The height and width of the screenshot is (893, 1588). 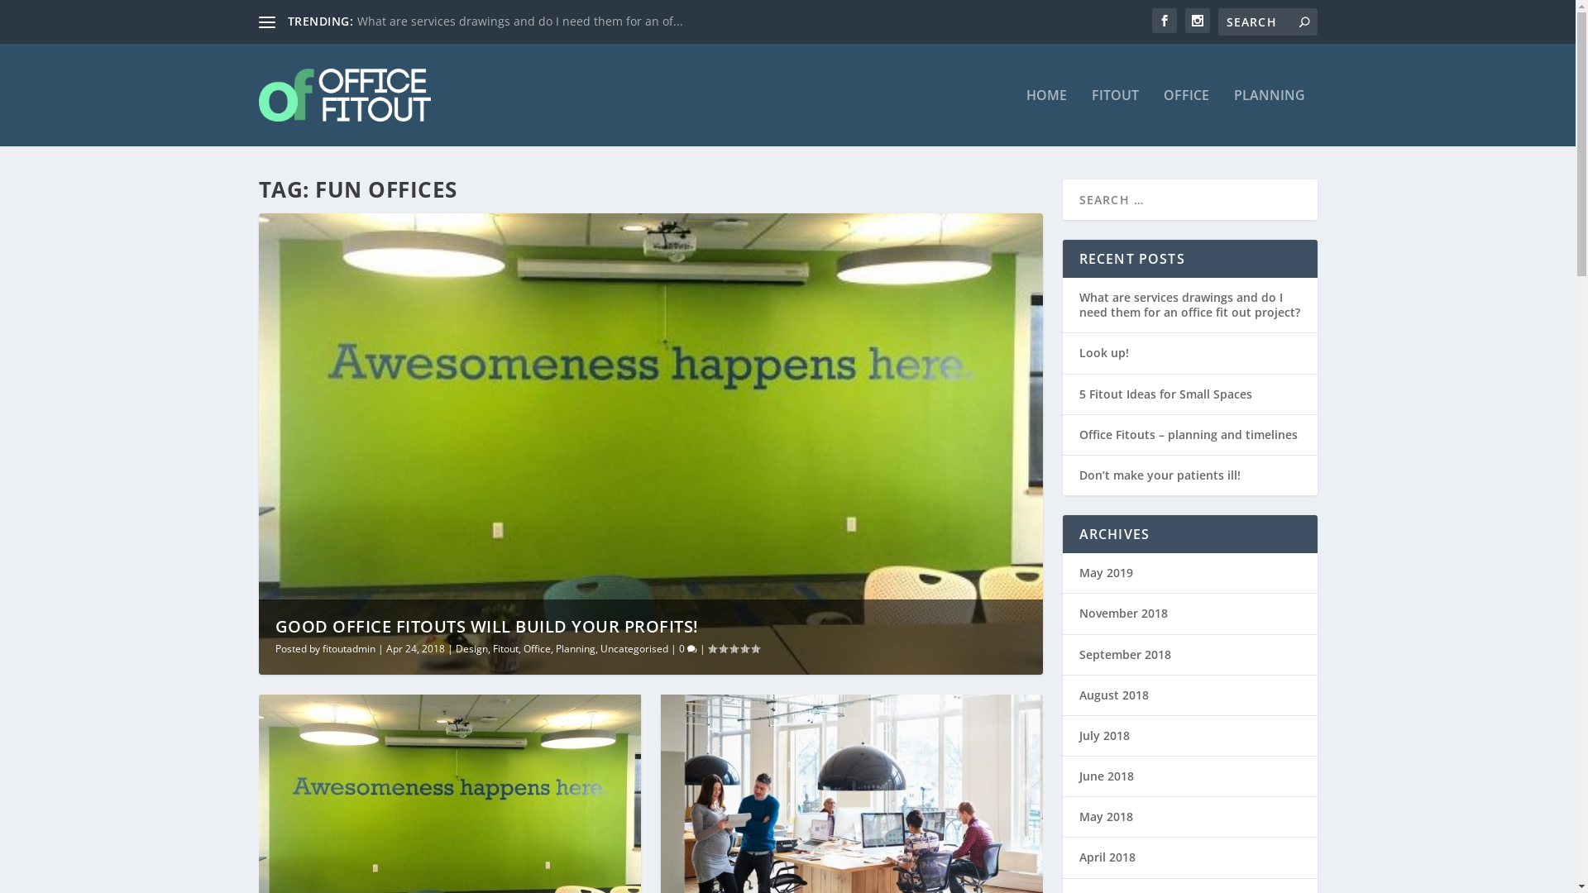 I want to click on 'November 2018', so click(x=1079, y=613).